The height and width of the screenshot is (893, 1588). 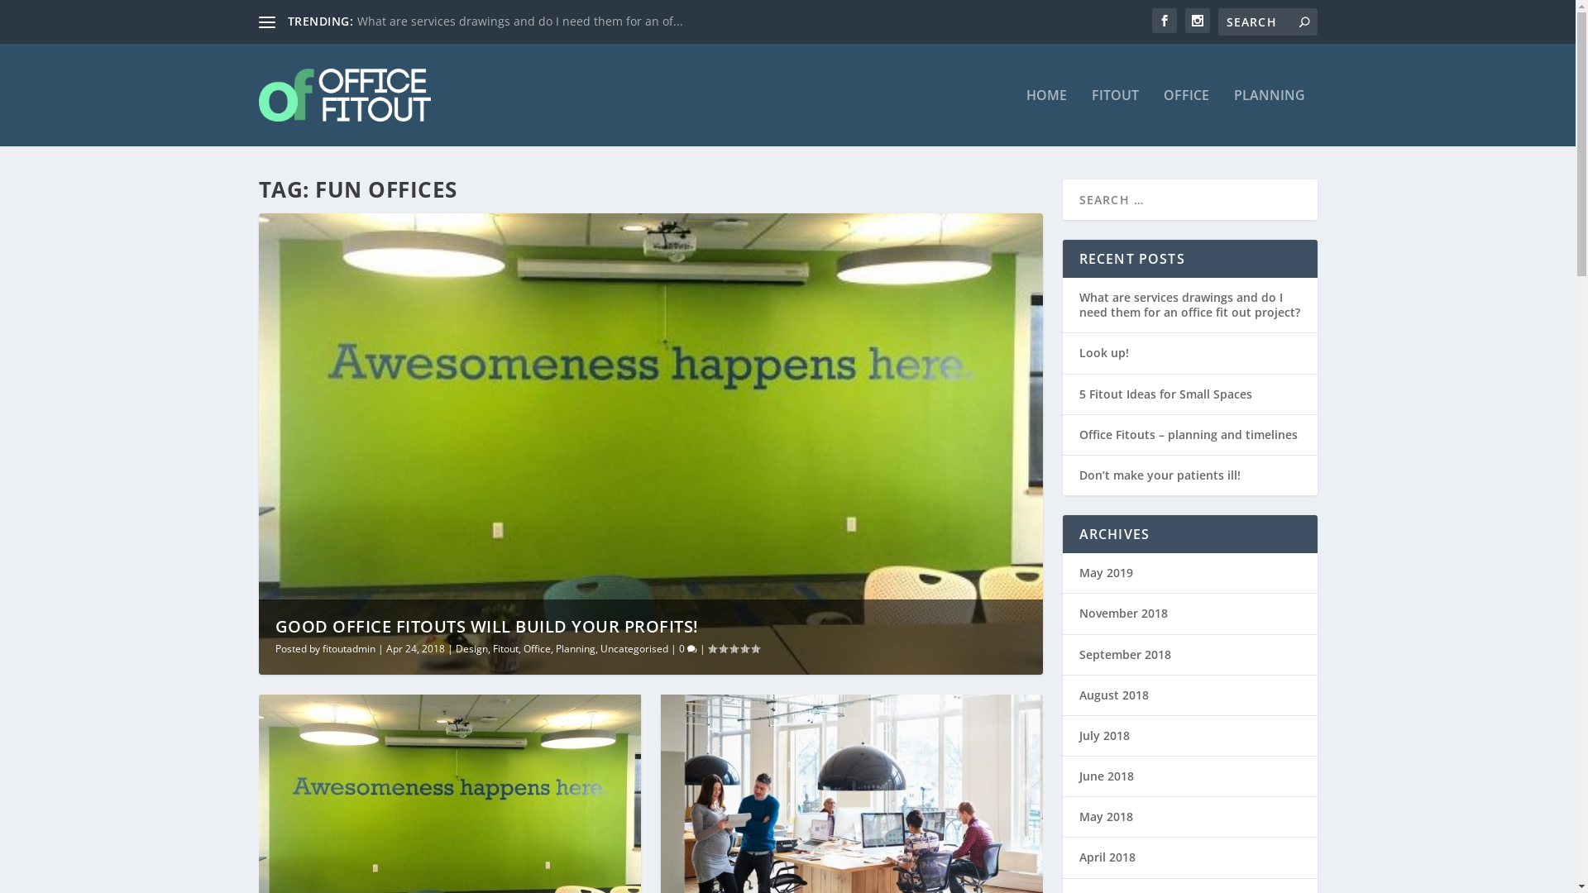 I want to click on 'November 2018', so click(x=1079, y=613).